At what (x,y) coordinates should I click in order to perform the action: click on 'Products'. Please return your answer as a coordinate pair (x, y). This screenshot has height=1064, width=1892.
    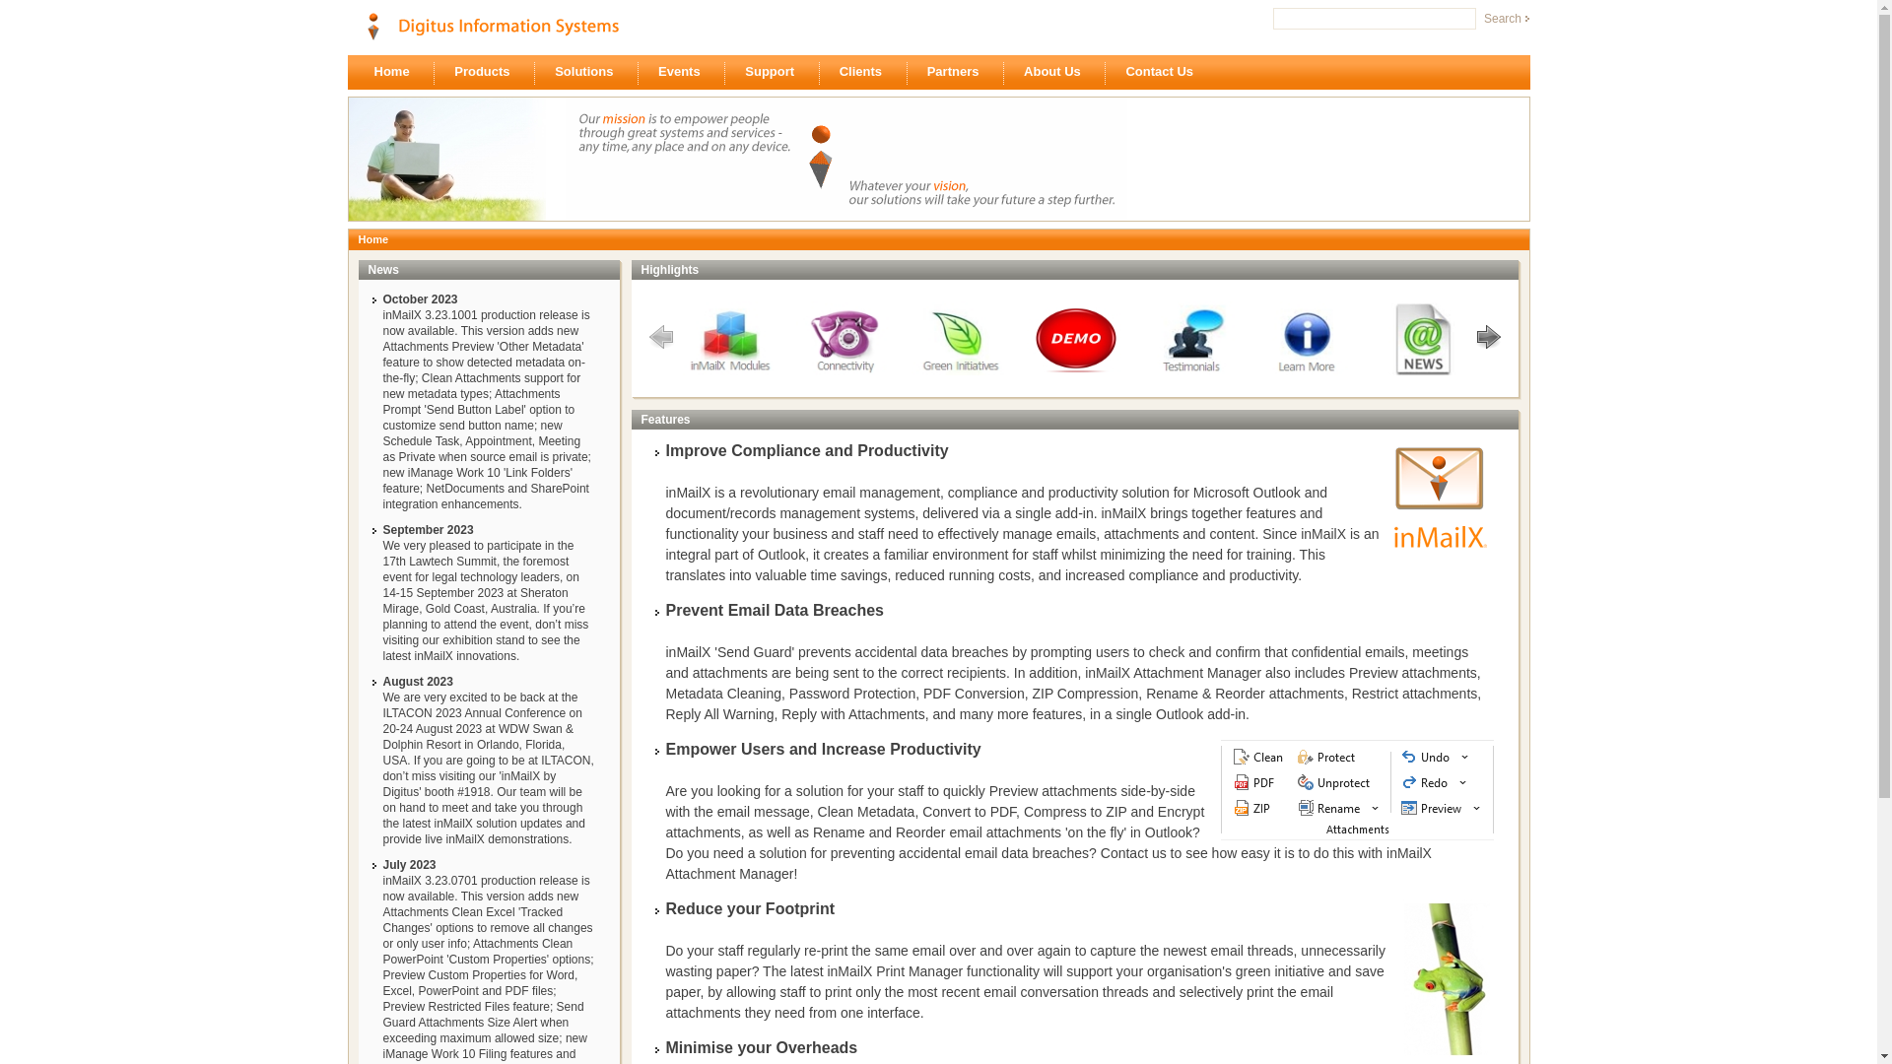
    Looking at the image, I should click on (487, 71).